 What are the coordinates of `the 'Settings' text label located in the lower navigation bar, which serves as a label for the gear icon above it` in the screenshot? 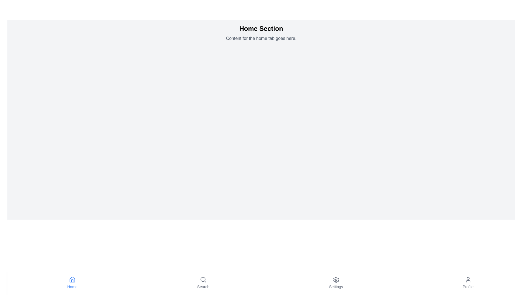 It's located at (336, 286).